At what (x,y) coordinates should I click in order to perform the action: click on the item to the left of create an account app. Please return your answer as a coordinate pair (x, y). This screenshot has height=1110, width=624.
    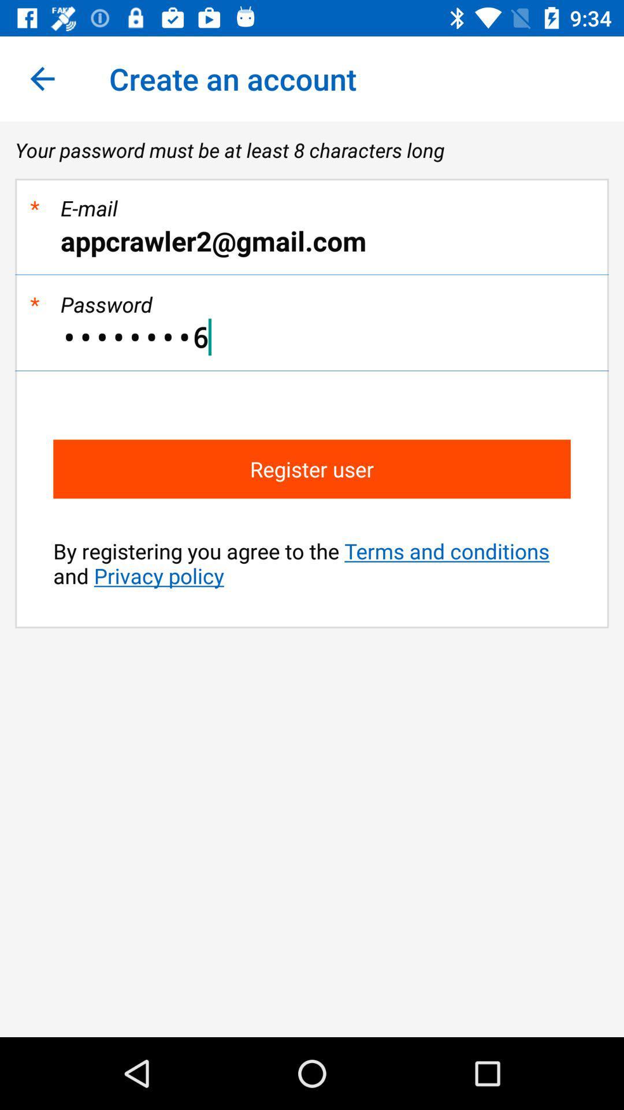
    Looking at the image, I should click on (42, 78).